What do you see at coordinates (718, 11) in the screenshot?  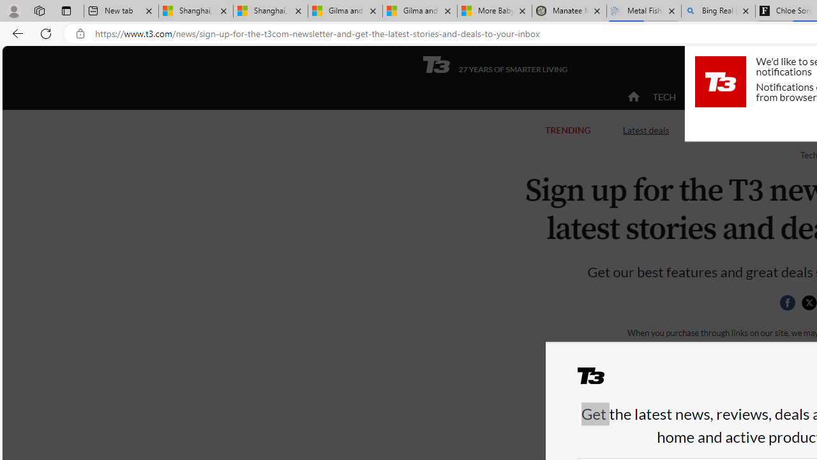 I see `'Bing Real Estate - Home sales and rental listings'` at bounding box center [718, 11].